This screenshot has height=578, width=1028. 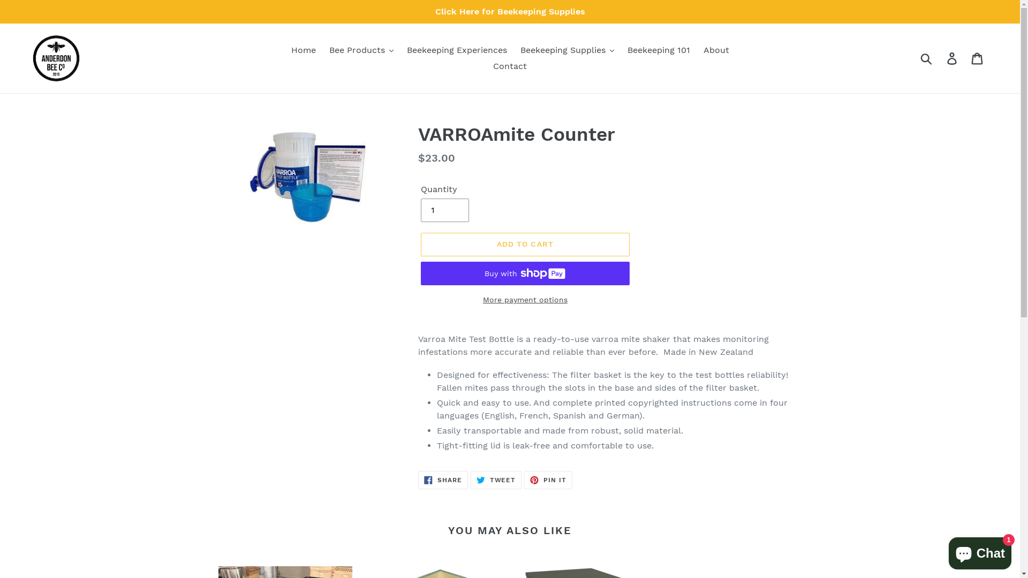 What do you see at coordinates (716, 50) in the screenshot?
I see `'About'` at bounding box center [716, 50].